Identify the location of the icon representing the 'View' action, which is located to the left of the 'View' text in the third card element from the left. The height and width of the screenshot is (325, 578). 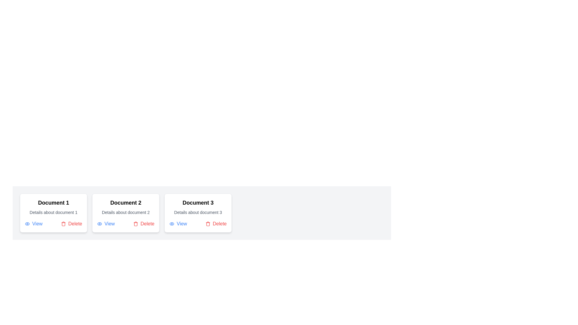
(172, 224).